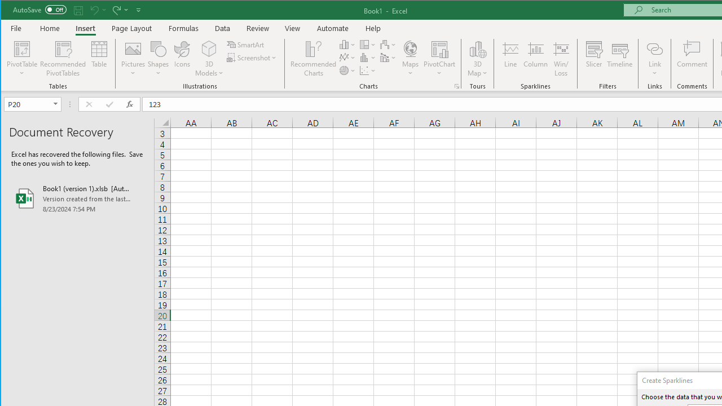 The width and height of the screenshot is (722, 406). What do you see at coordinates (388, 58) in the screenshot?
I see `'Insert Combo Chart'` at bounding box center [388, 58].